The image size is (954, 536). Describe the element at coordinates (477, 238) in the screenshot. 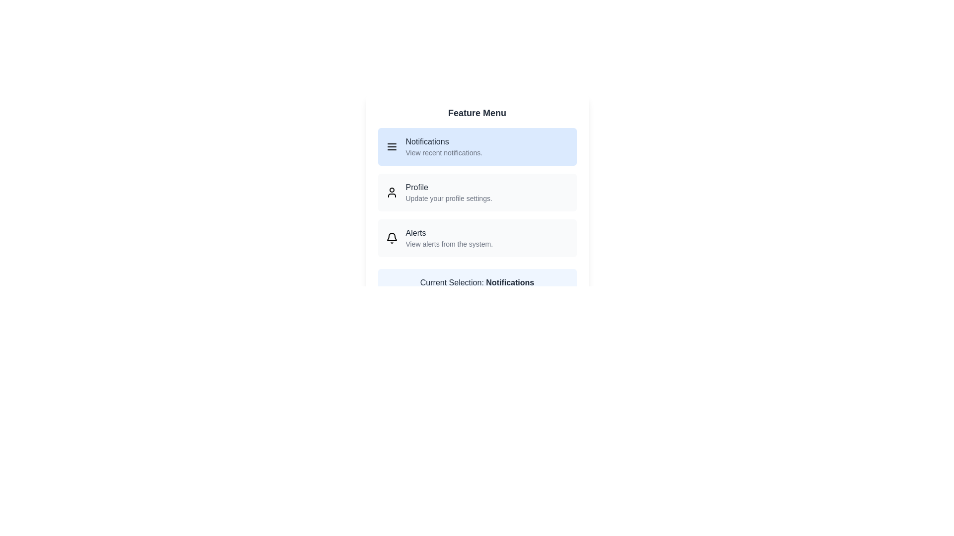

I see `the menu item Alerts by clicking on it` at that location.